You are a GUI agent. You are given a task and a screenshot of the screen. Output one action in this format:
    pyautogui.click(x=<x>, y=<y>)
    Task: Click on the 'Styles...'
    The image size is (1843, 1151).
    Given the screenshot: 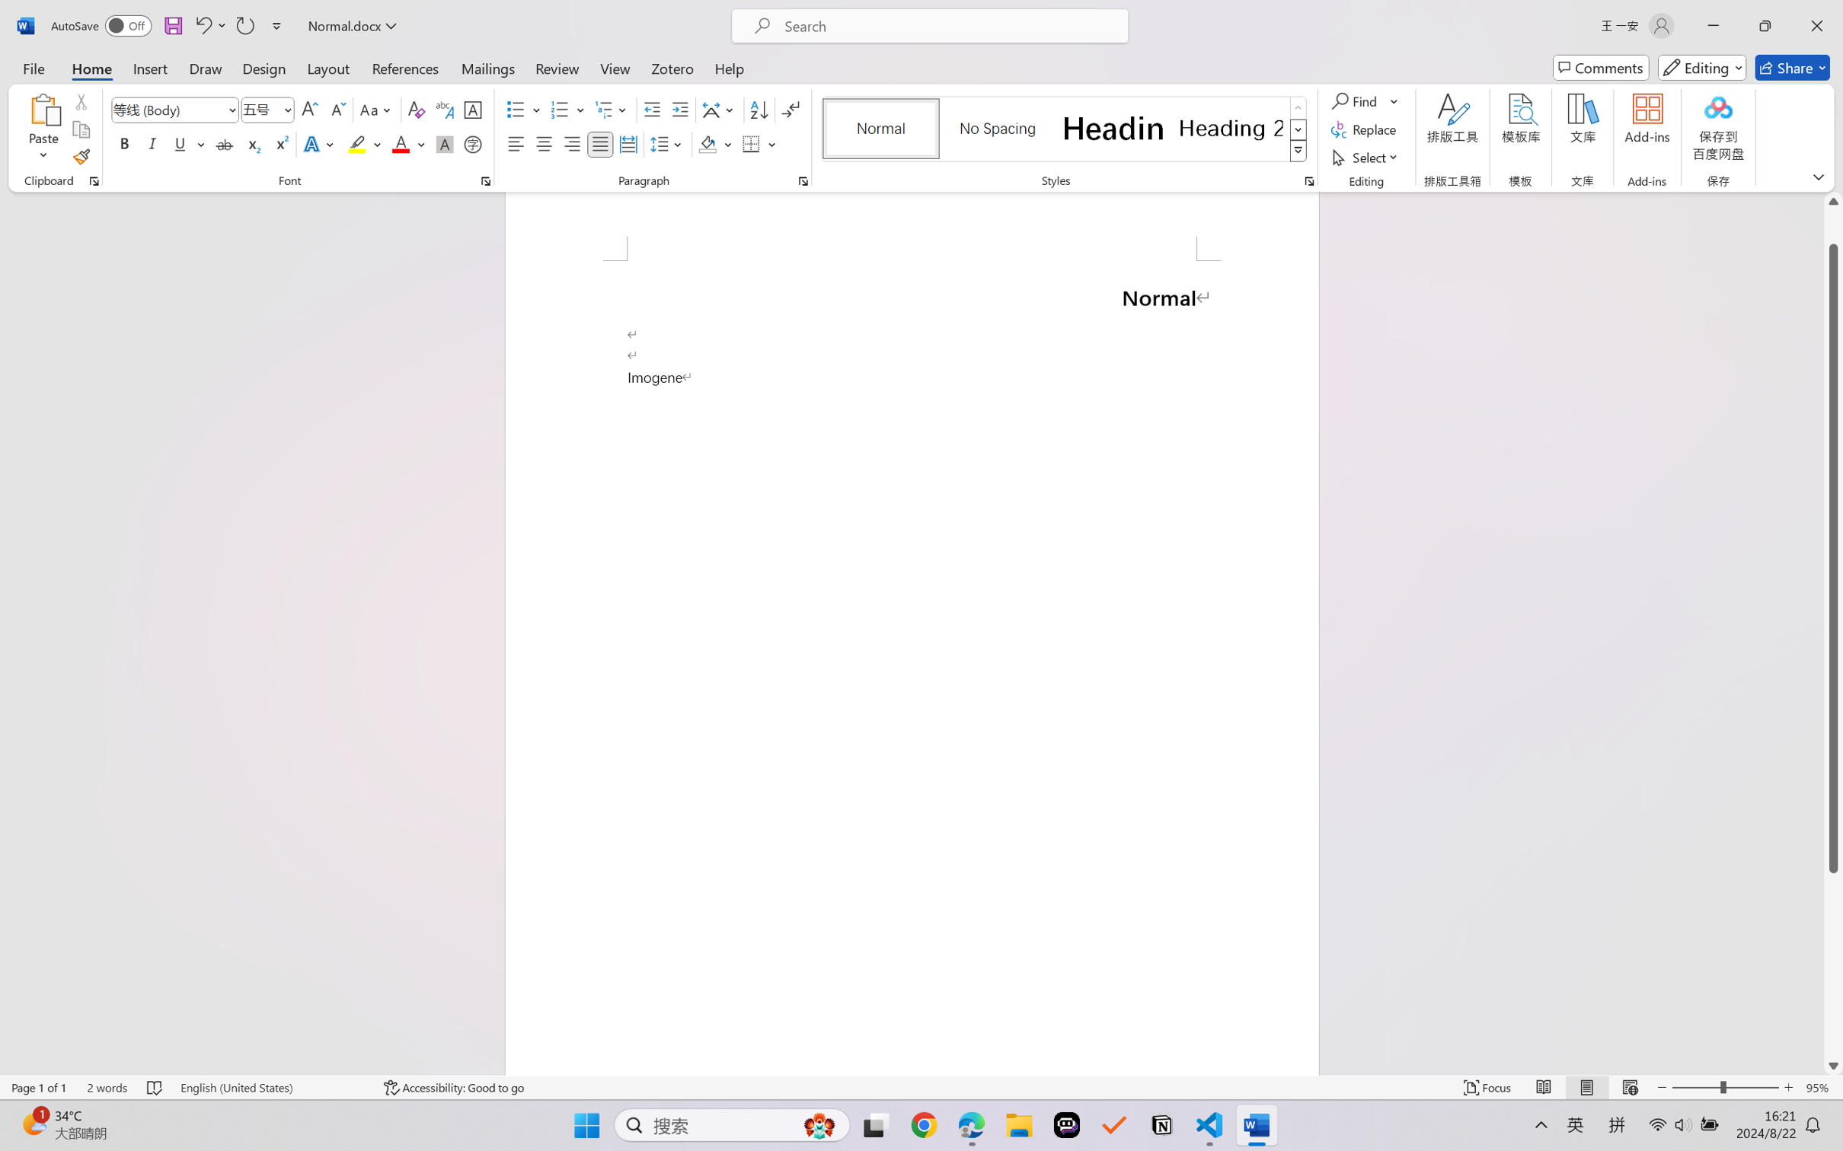 What is the action you would take?
    pyautogui.click(x=1308, y=180)
    